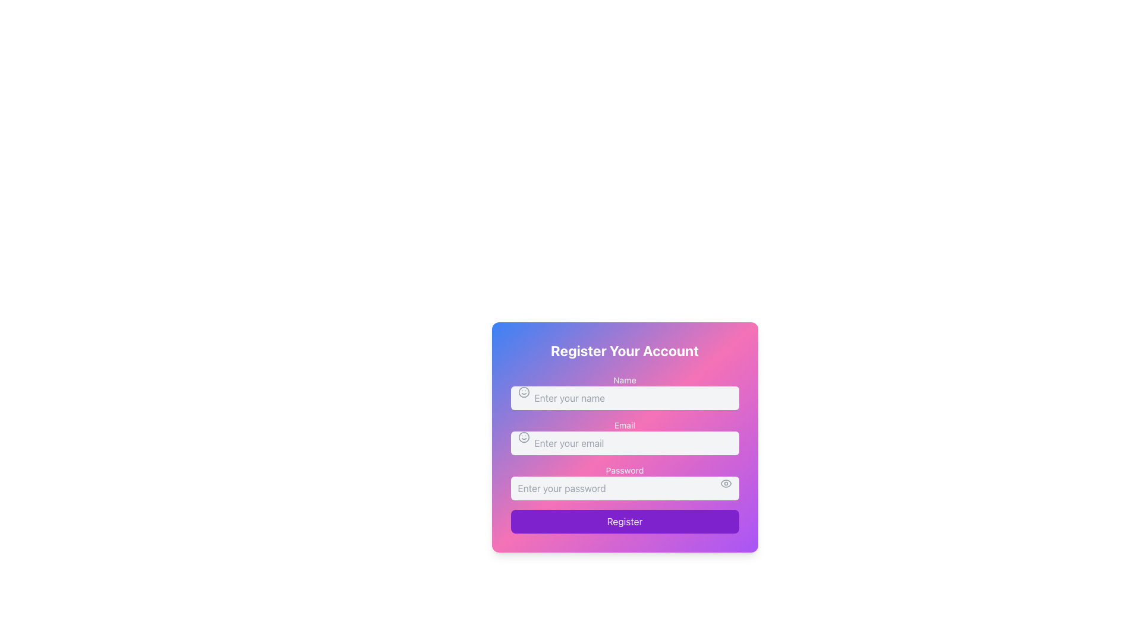 This screenshot has width=1141, height=641. Describe the element at coordinates (523, 437) in the screenshot. I see `the decorative circle in the SVG smiley face icon located to the left of the email input field in the registration form` at that location.